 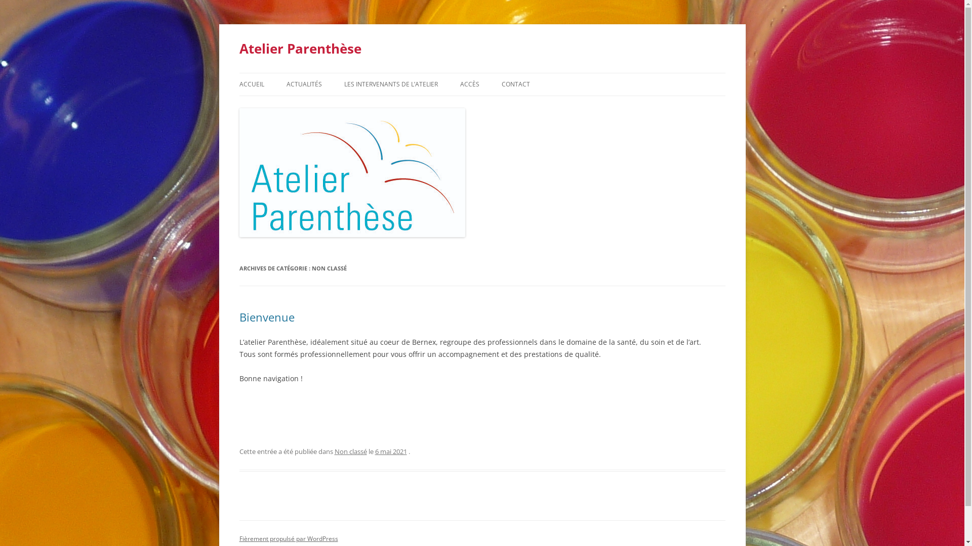 What do you see at coordinates (344, 106) in the screenshot?
I see `'CATHERINE MAFFEI'` at bounding box center [344, 106].